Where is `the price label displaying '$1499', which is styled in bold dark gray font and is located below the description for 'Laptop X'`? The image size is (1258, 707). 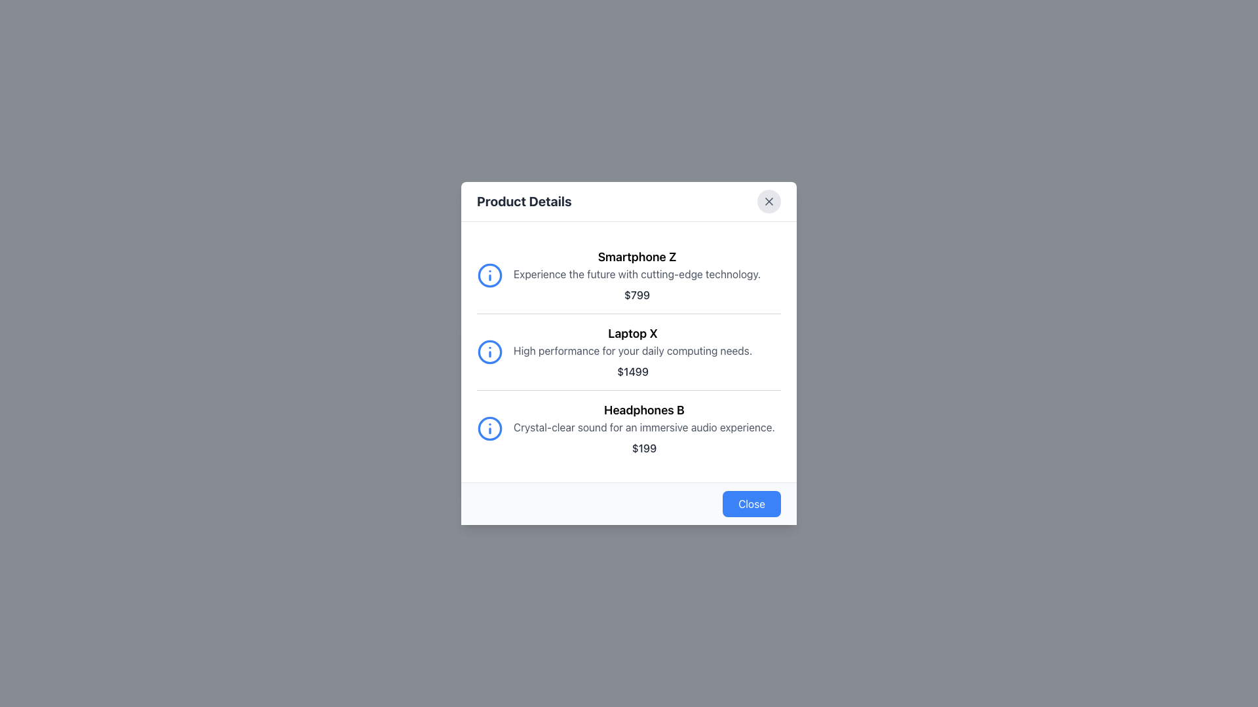
the price label displaying '$1499', which is styled in bold dark gray font and is located below the description for 'Laptop X' is located at coordinates (633, 371).